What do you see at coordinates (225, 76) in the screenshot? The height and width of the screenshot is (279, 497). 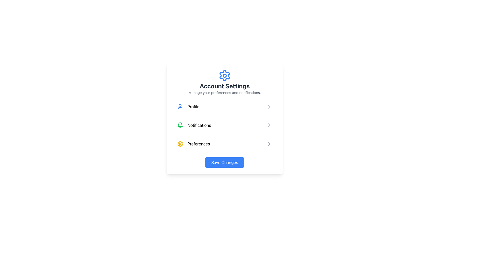 I see `the blue gear icon indicating settings, which is centrally aligned above the 'Account Settings' text` at bounding box center [225, 76].